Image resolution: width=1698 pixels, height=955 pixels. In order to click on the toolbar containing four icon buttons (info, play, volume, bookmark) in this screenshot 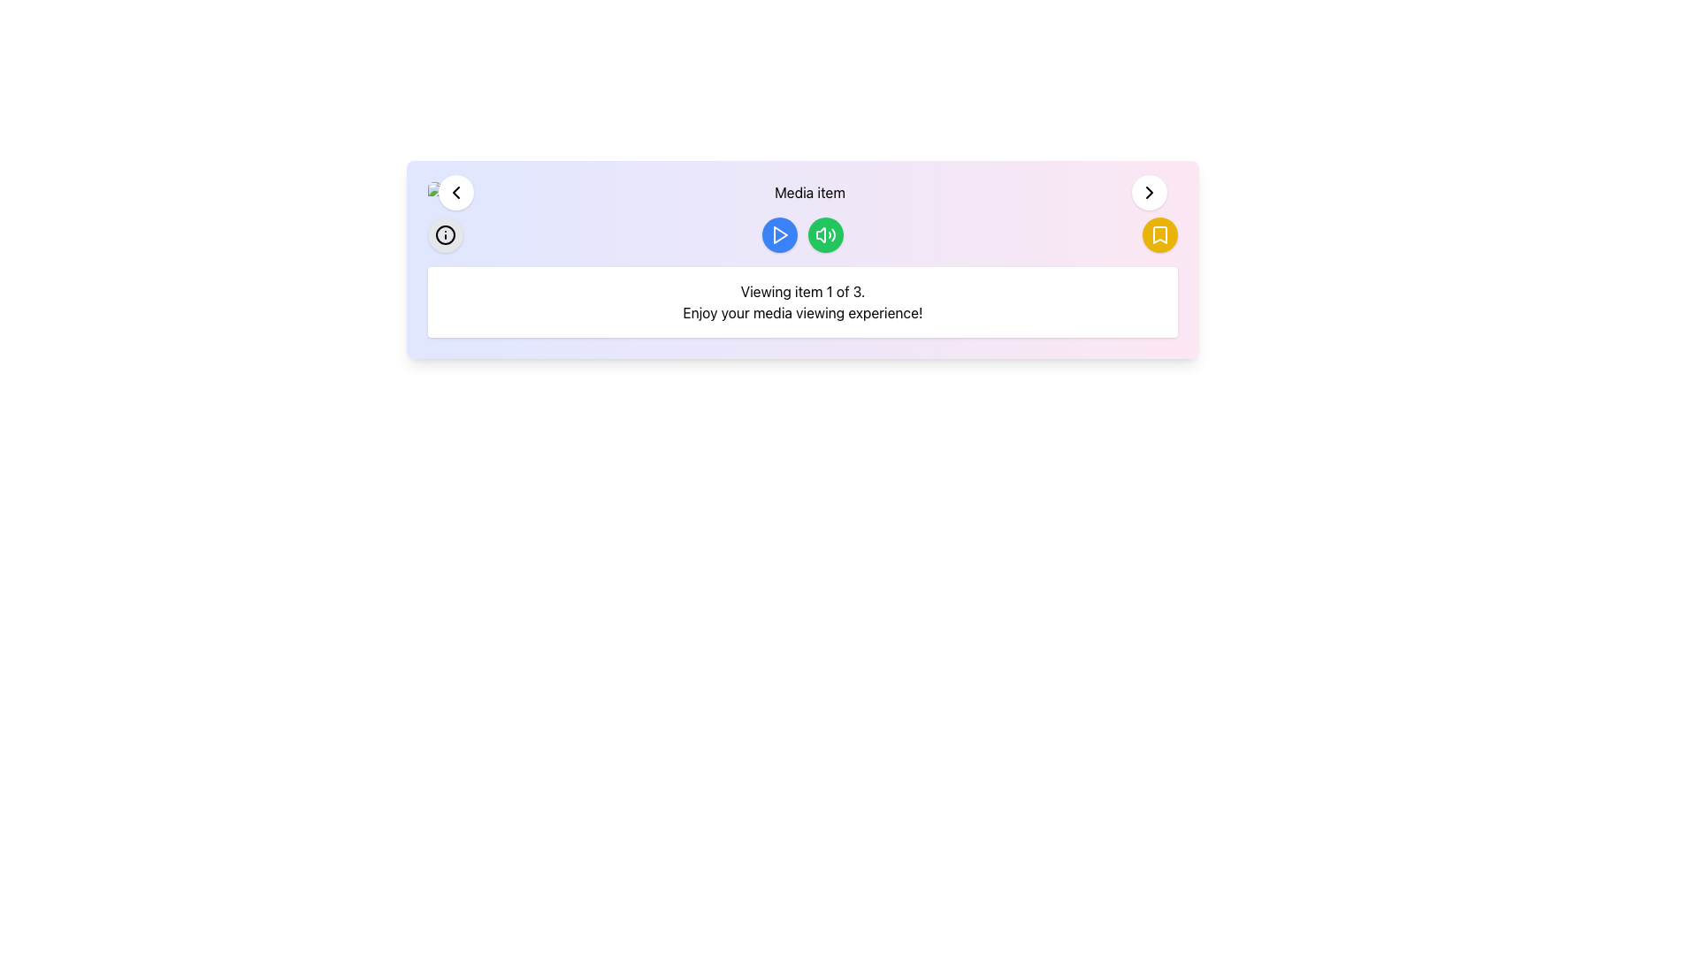, I will do `click(801, 234)`.